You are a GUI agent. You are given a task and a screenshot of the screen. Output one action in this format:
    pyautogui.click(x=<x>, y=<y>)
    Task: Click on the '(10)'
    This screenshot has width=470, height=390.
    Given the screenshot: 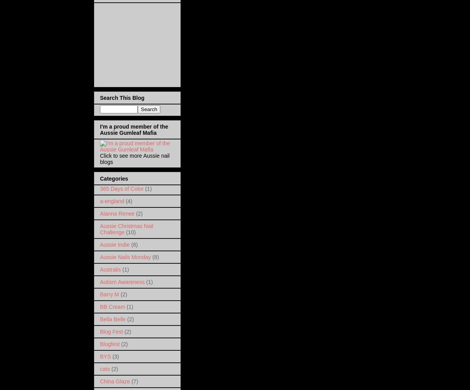 What is the action you would take?
    pyautogui.click(x=125, y=232)
    